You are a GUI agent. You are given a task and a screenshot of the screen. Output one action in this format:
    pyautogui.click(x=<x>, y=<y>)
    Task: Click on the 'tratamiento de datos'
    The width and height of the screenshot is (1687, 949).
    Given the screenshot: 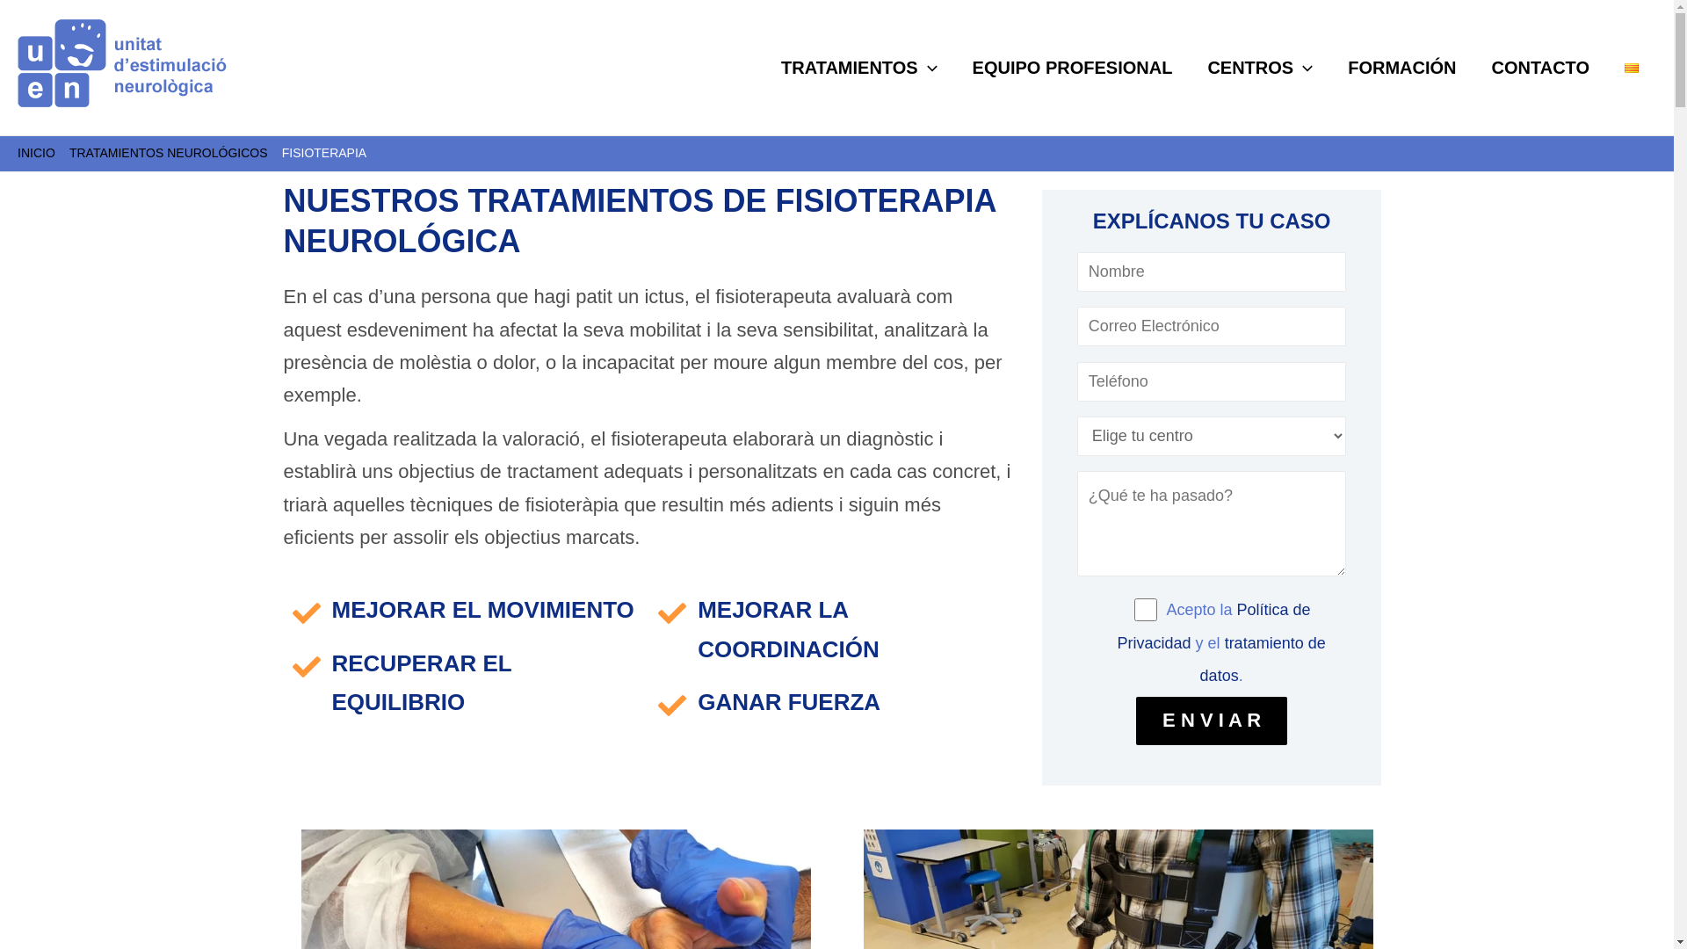 What is the action you would take?
    pyautogui.click(x=1262, y=659)
    